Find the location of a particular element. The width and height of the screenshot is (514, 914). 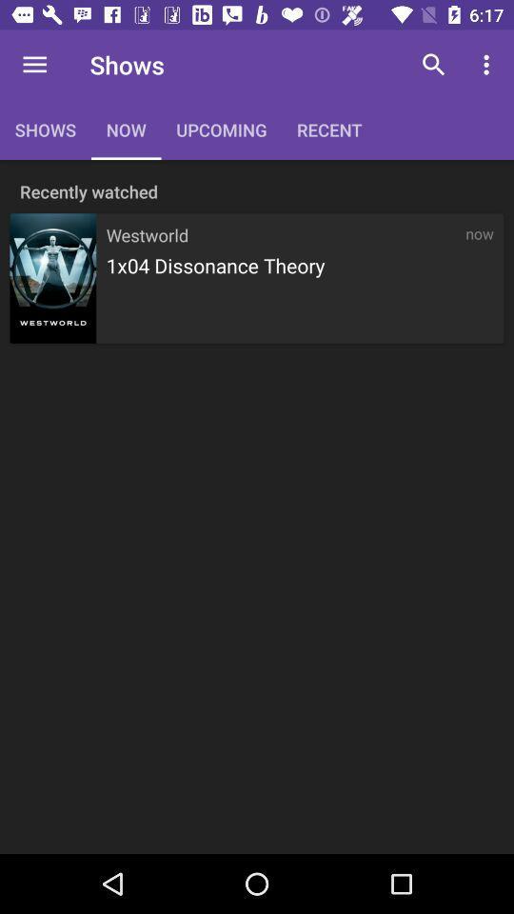

icon to the left of shows is located at coordinates (34, 65).